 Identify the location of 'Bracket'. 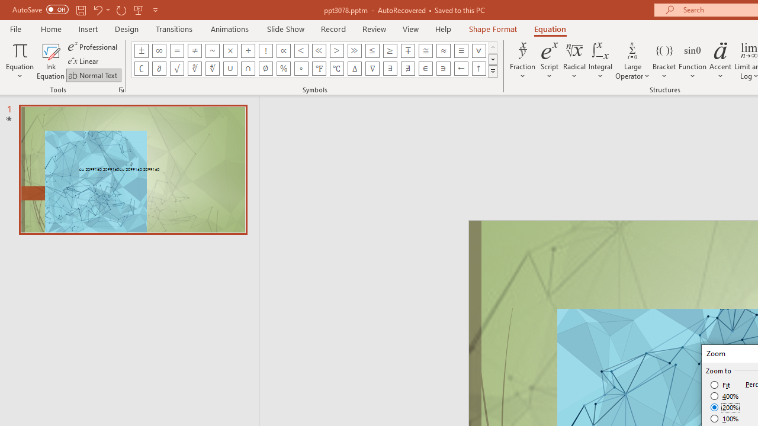
(664, 61).